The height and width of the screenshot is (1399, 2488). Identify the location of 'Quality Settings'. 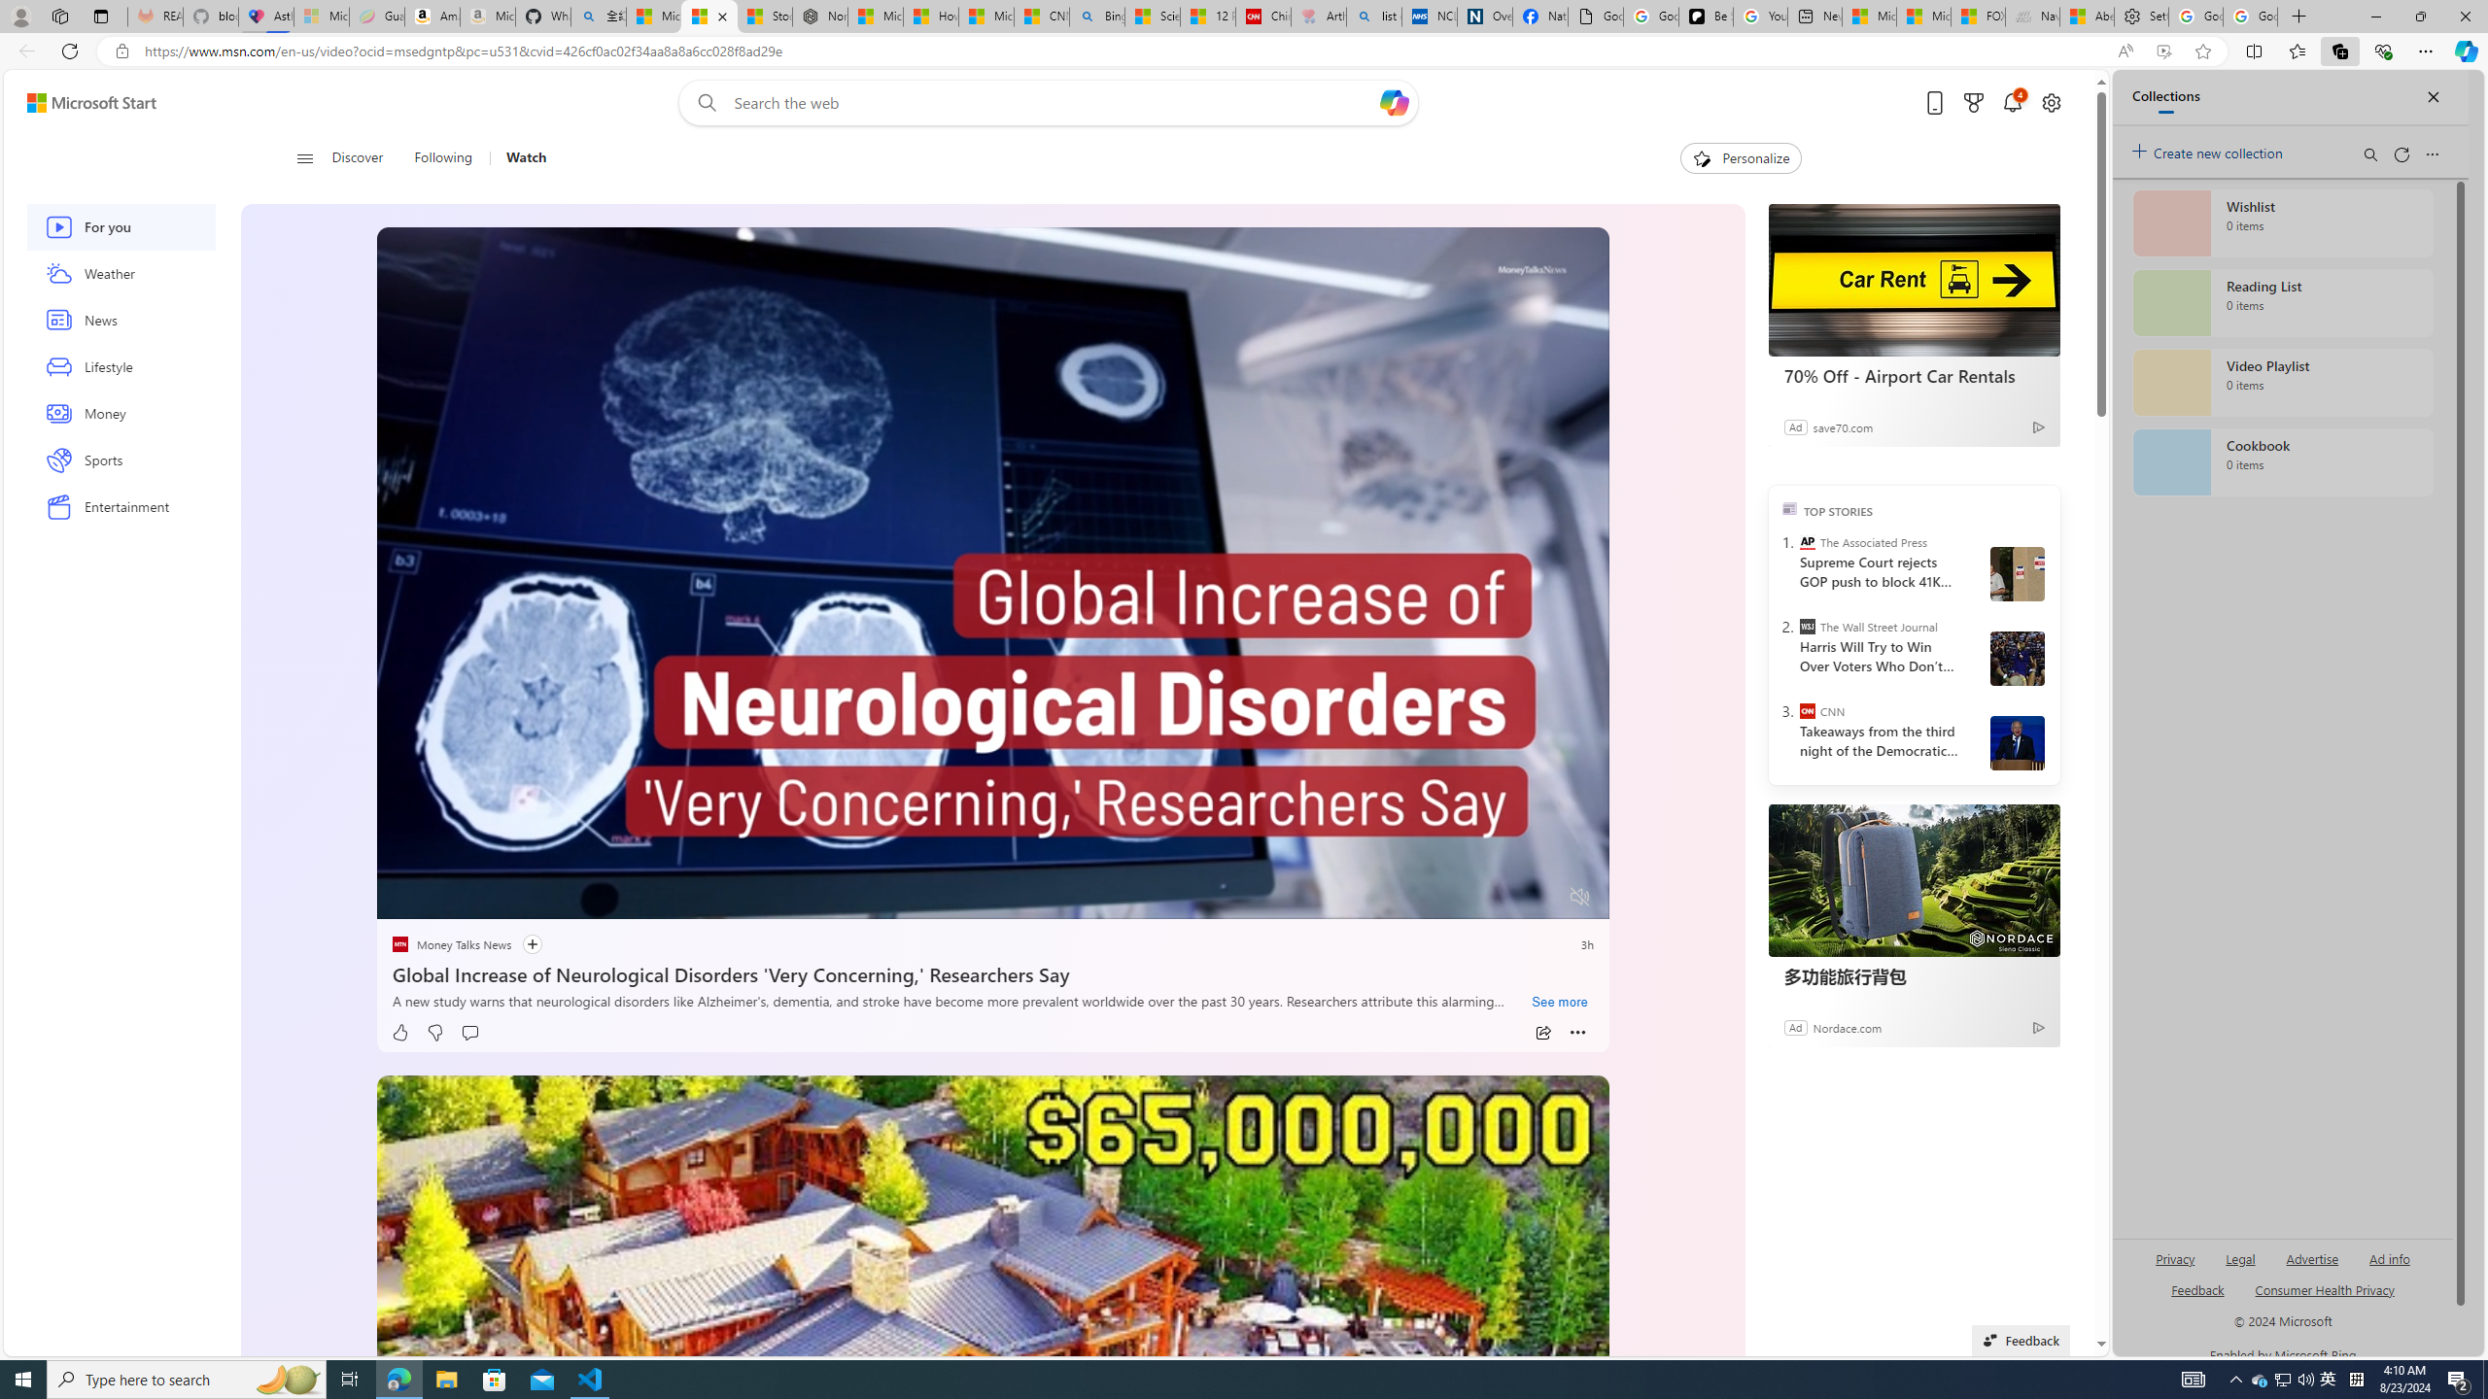
(1465, 897).